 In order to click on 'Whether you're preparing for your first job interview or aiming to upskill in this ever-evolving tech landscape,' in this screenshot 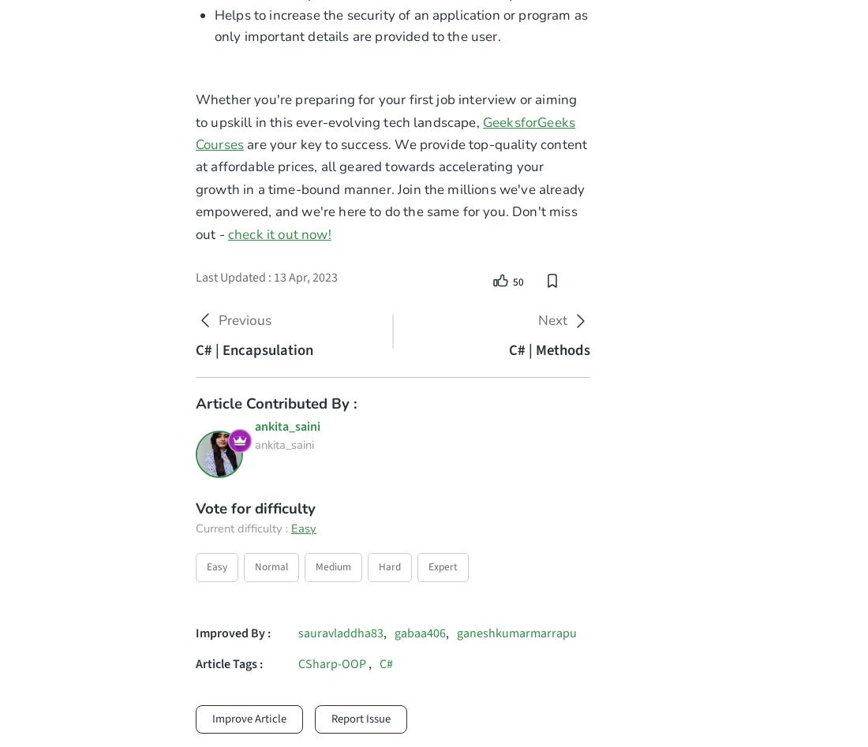, I will do `click(386, 110)`.